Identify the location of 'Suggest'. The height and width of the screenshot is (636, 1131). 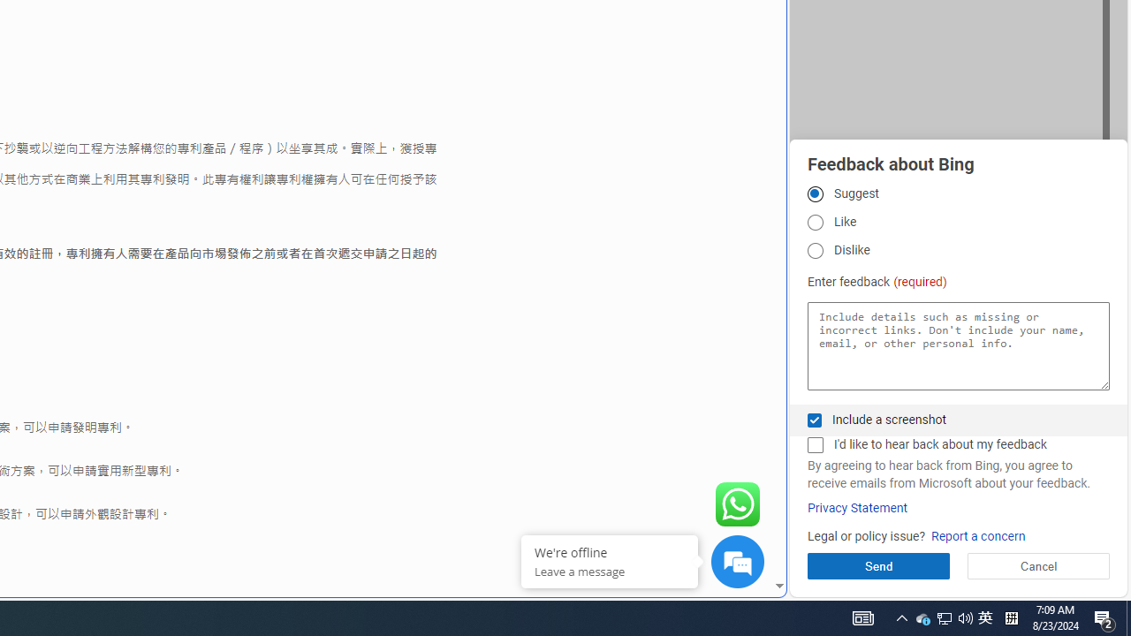
(814, 193).